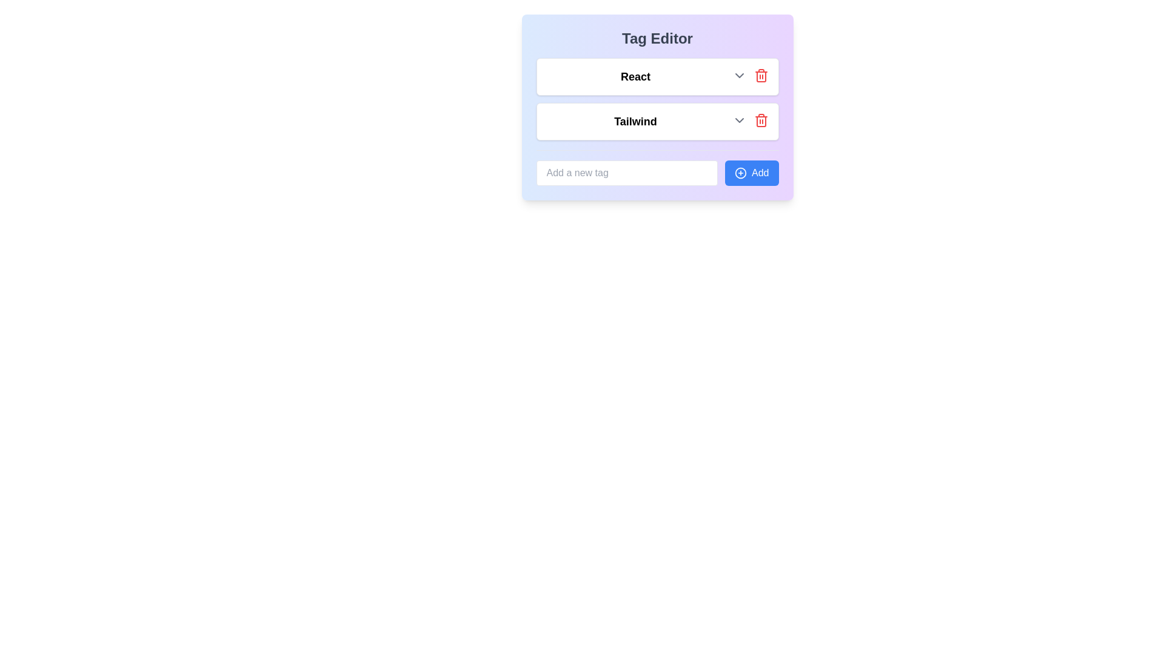  I want to click on the downward-pointing chevron icon next to the 'React' label, so click(738, 75).